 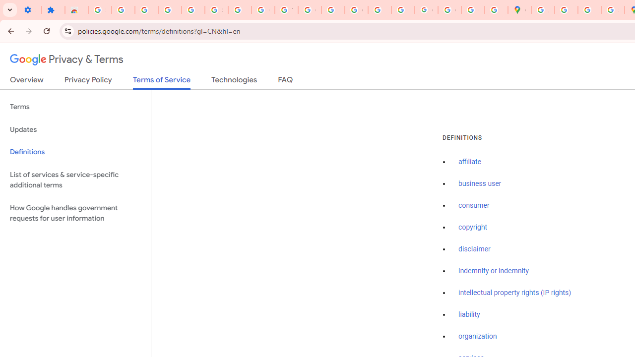 I want to click on 'YouTube', so click(x=286, y=10).